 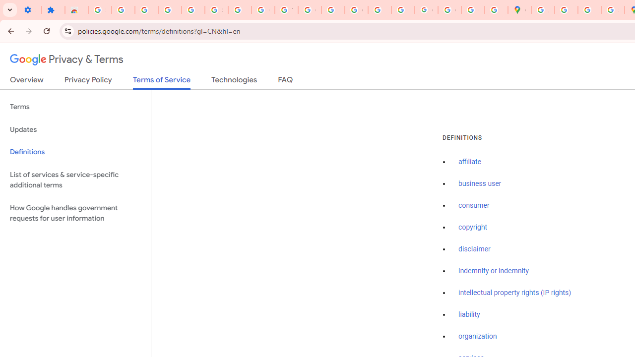 I want to click on 'YouTube', so click(x=286, y=10).